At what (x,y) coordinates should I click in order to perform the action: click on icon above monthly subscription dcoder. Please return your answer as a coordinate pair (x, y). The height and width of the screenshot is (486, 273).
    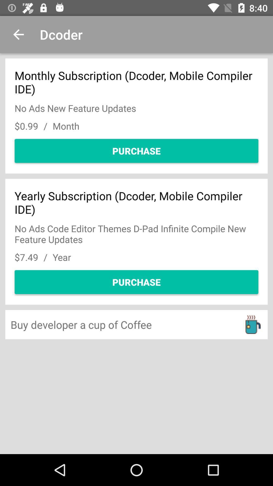
    Looking at the image, I should click on (18, 34).